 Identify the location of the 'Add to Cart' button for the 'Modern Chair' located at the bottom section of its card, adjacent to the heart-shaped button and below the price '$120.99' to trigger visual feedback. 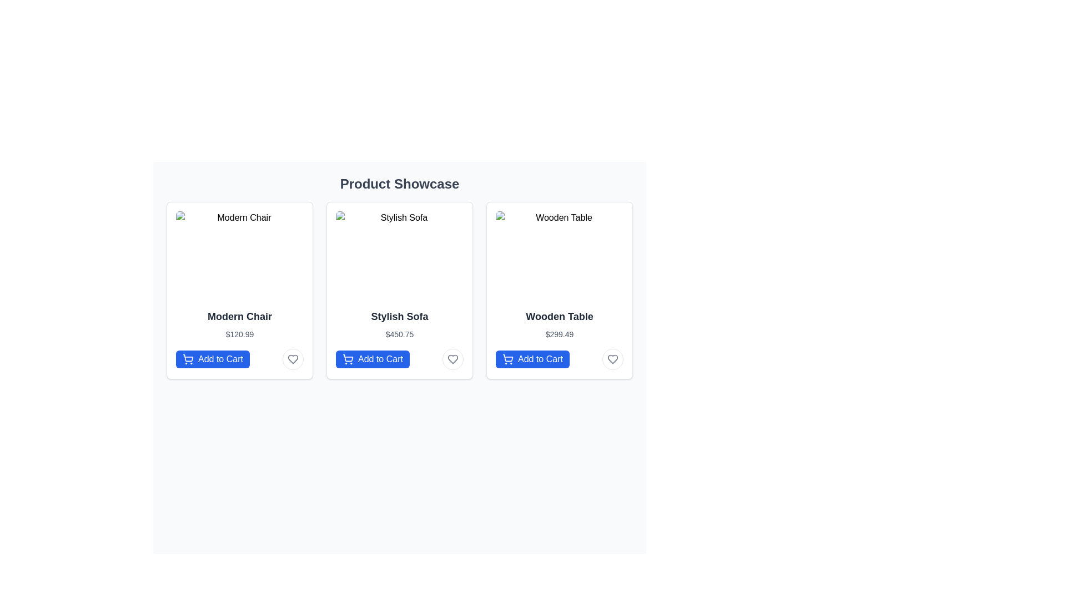
(220, 359).